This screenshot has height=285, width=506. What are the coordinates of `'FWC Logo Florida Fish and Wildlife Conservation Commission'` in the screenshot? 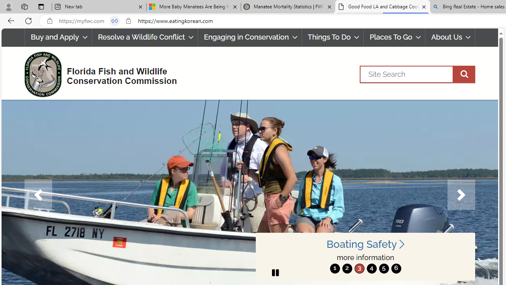 It's located at (97, 73).